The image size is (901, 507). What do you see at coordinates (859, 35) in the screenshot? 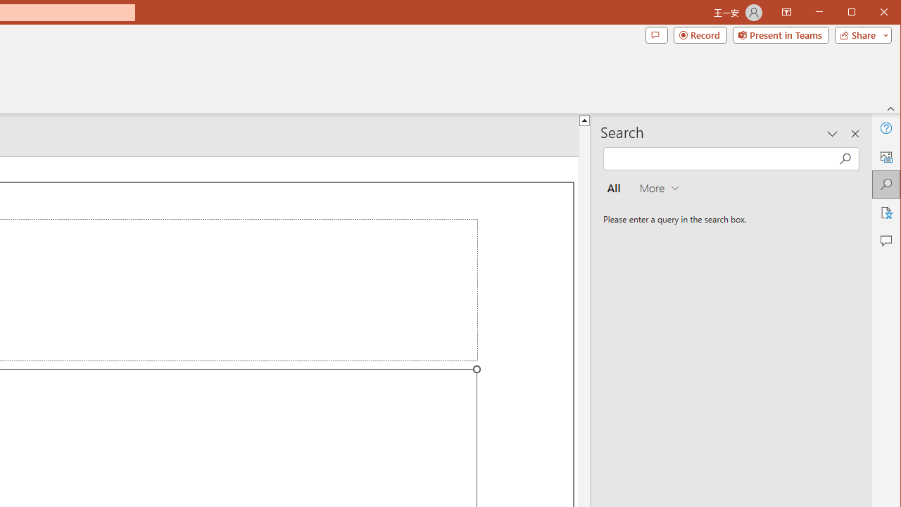
I see `'Share'` at bounding box center [859, 35].